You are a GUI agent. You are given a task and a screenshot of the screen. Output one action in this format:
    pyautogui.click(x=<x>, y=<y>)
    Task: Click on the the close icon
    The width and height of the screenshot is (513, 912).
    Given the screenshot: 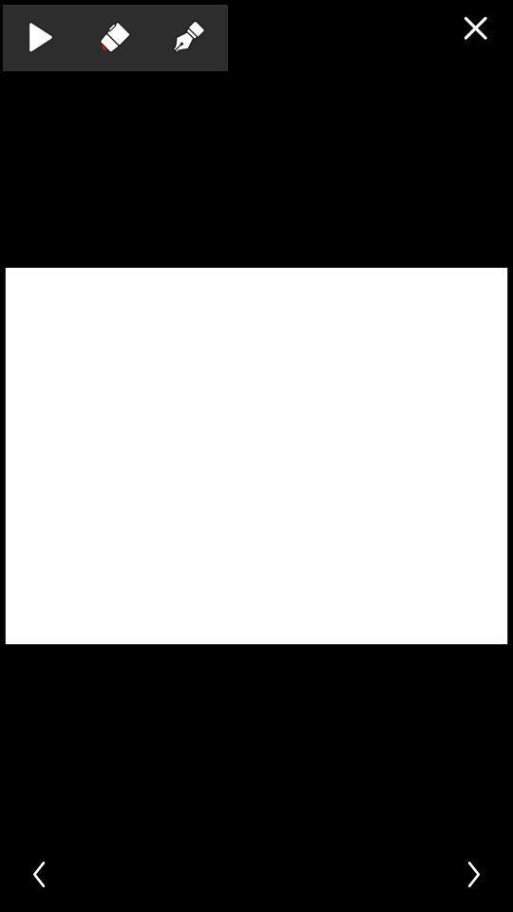 What is the action you would take?
    pyautogui.click(x=474, y=27)
    